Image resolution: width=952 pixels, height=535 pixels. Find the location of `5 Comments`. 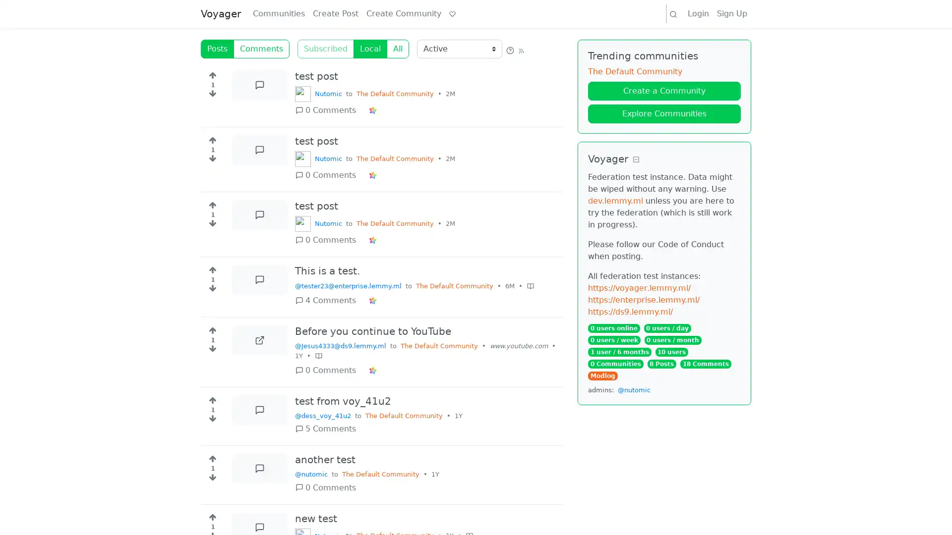

5 Comments is located at coordinates (328, 428).